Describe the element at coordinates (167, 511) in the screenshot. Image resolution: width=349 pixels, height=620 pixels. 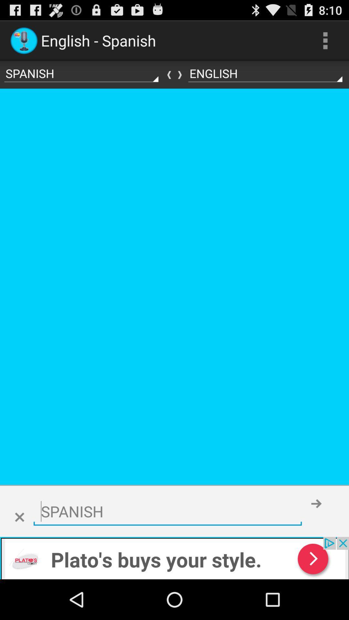
I see `spanish box` at that location.